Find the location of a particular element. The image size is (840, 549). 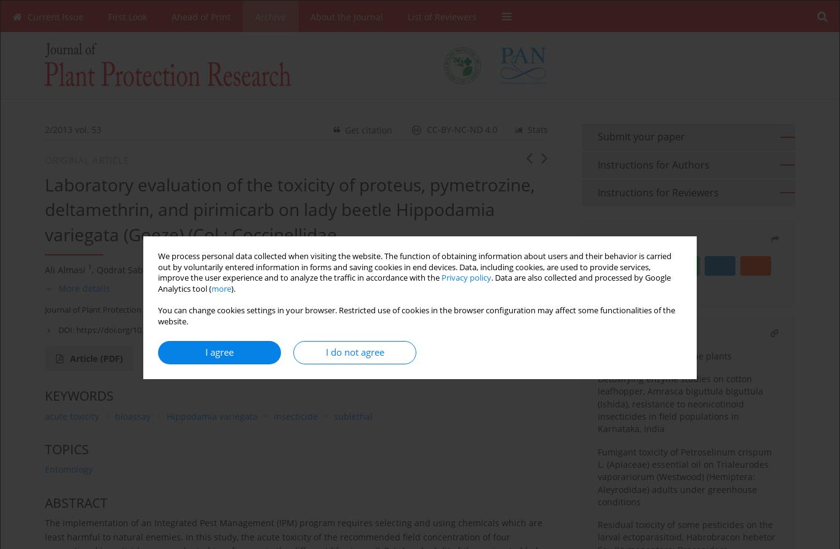

'More details' is located at coordinates (84, 287).